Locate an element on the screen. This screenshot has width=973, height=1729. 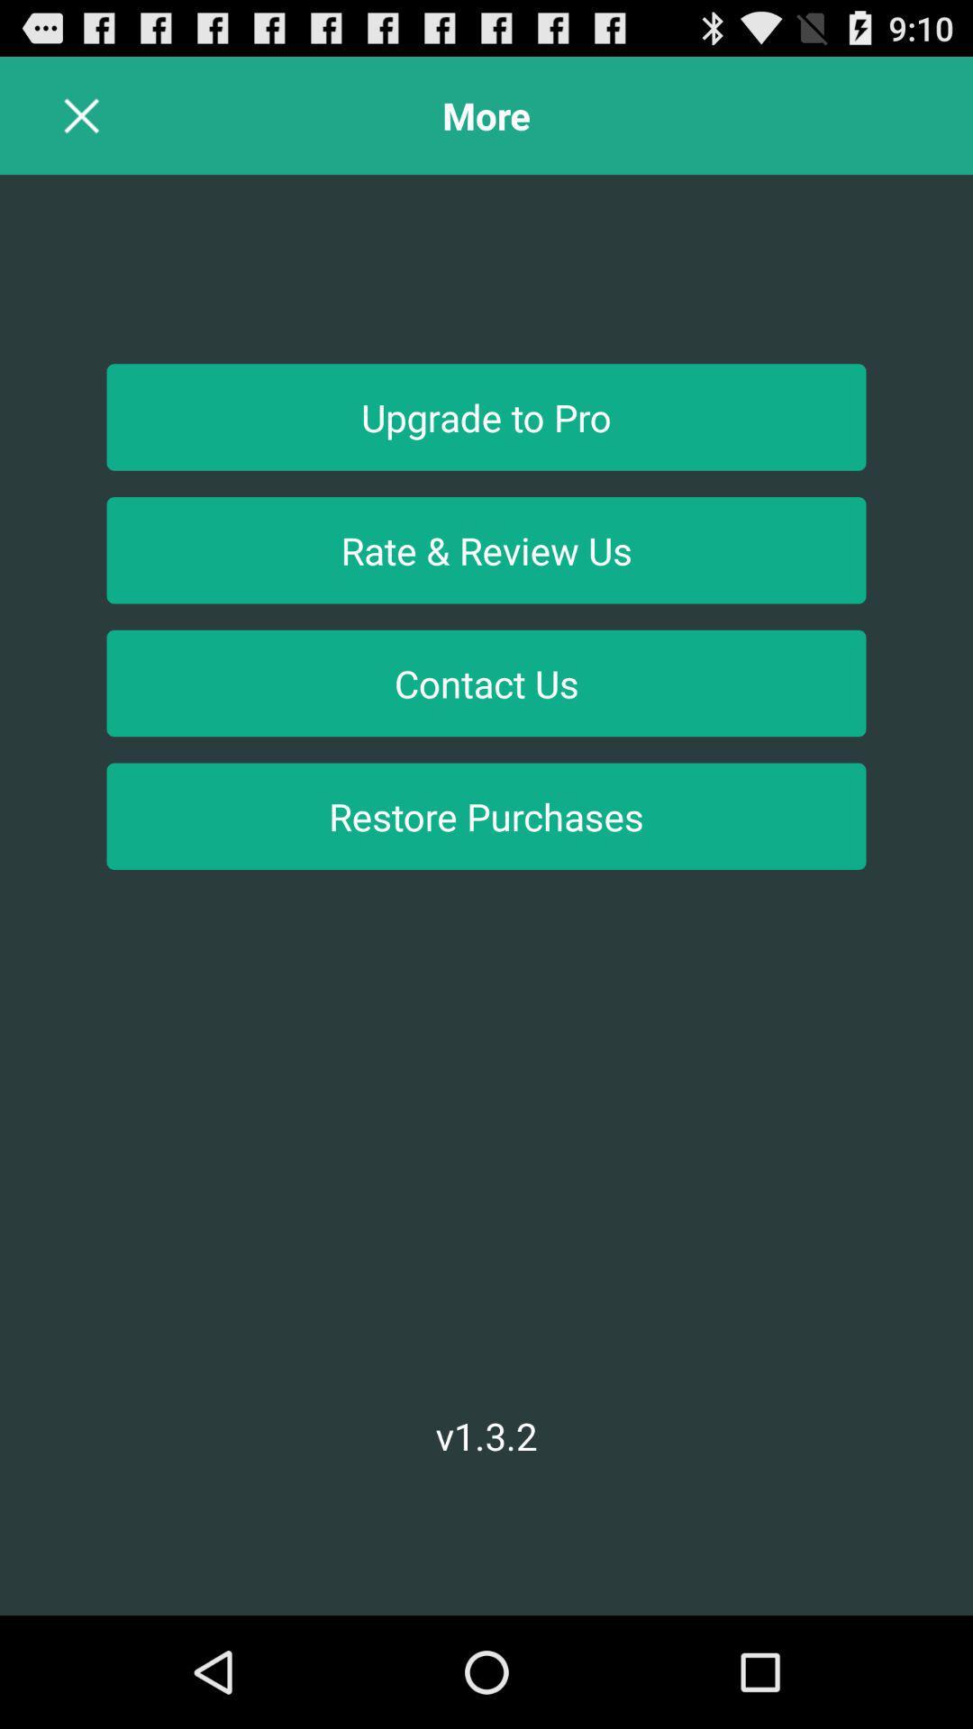
the upgrade to pro icon is located at coordinates (486, 416).